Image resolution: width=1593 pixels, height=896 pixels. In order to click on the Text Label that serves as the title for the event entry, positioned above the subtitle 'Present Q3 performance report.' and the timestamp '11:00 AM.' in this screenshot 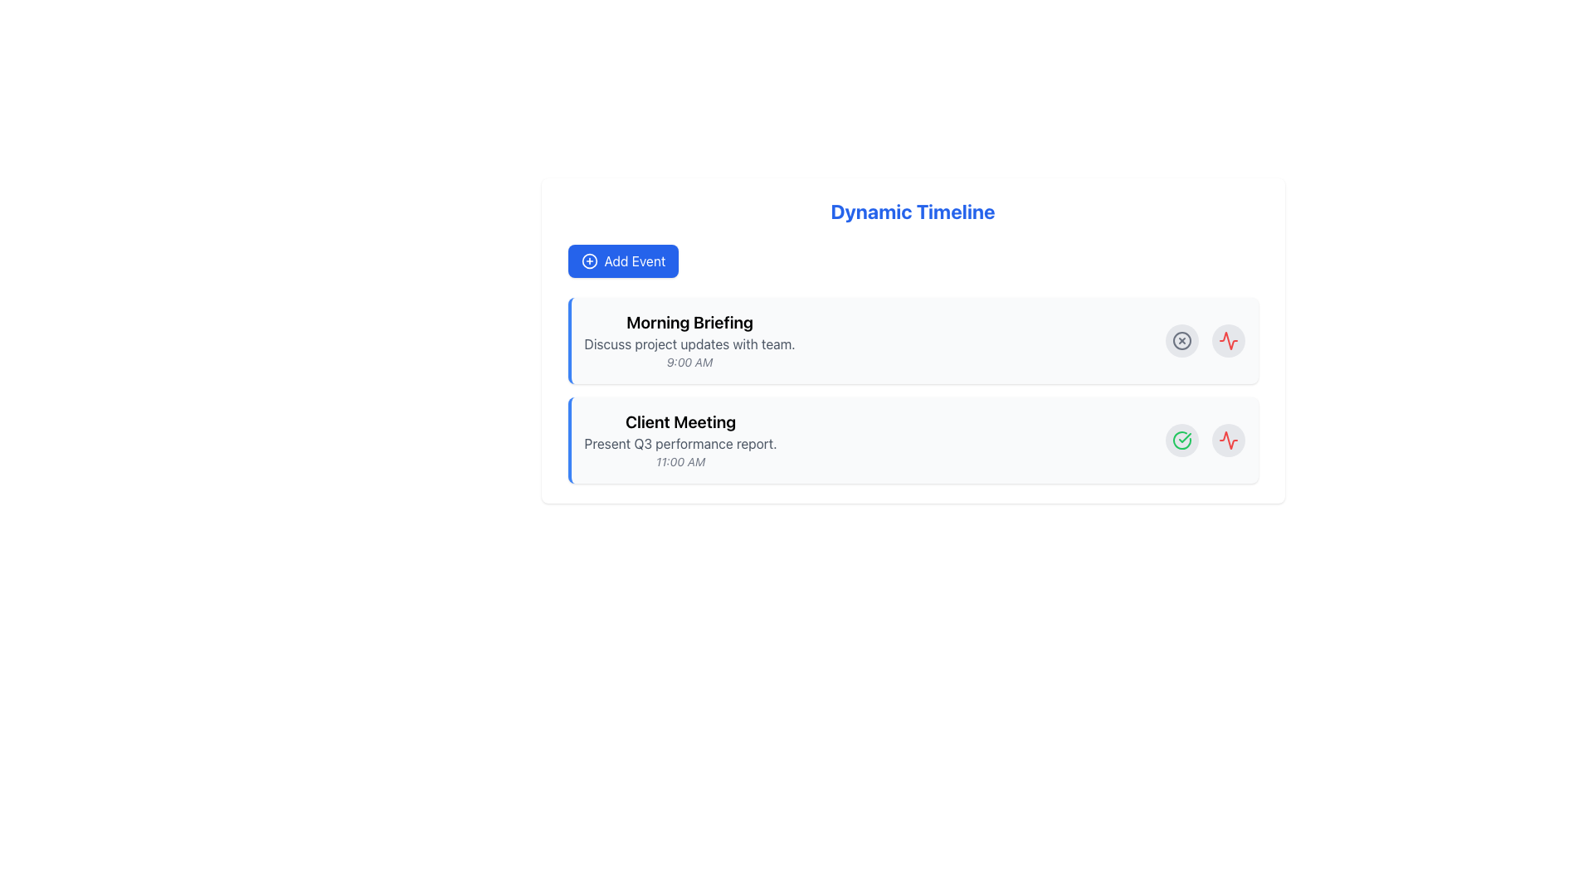, I will do `click(680, 421)`.